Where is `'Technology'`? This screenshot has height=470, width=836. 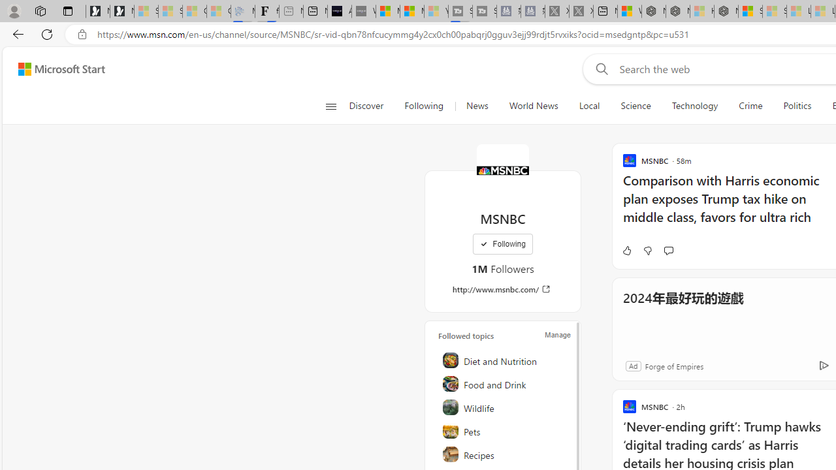 'Technology' is located at coordinates (694, 106).